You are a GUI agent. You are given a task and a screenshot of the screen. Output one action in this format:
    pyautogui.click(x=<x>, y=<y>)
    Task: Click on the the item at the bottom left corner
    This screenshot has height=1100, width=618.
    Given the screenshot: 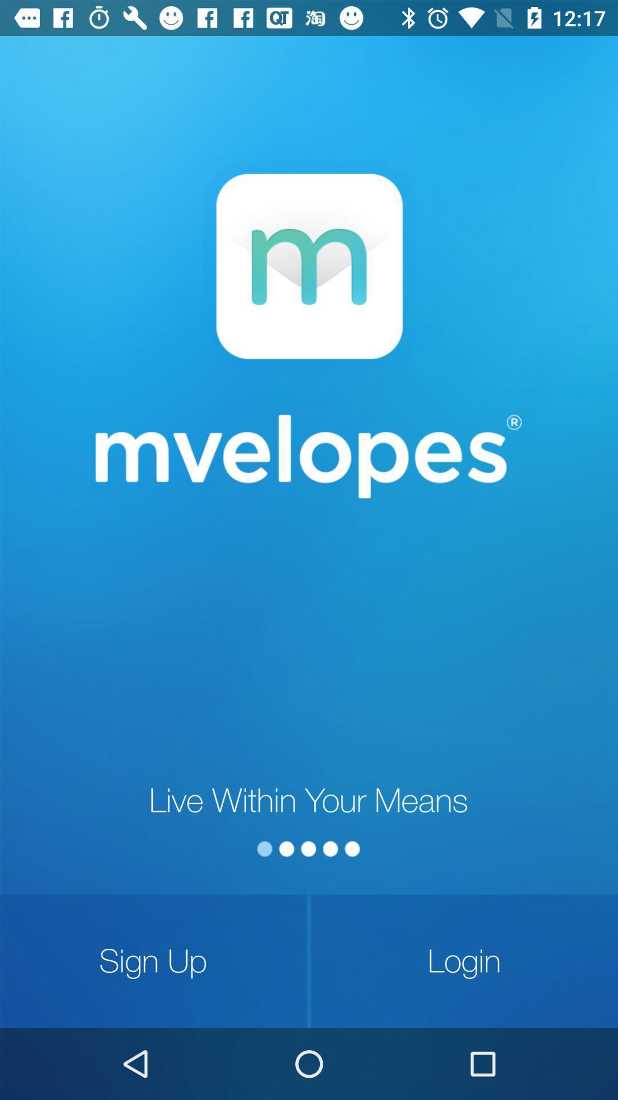 What is the action you would take?
    pyautogui.click(x=153, y=961)
    